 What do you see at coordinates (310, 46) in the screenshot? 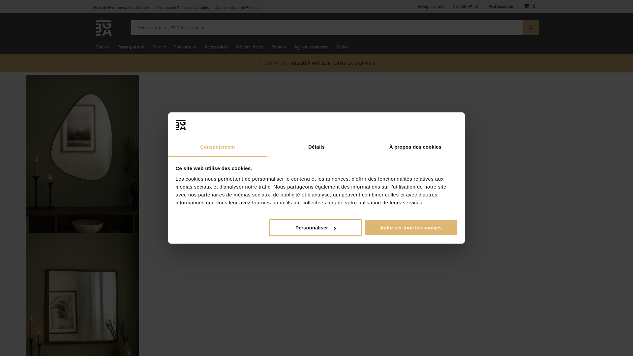
I see `'Agrandissements'` at bounding box center [310, 46].